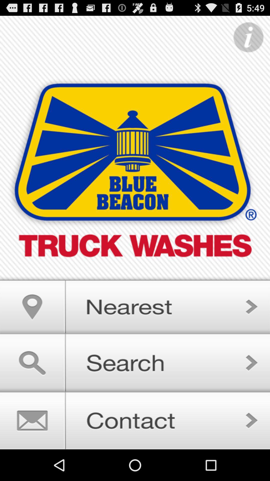 This screenshot has height=481, width=270. I want to click on more information, so click(248, 37).